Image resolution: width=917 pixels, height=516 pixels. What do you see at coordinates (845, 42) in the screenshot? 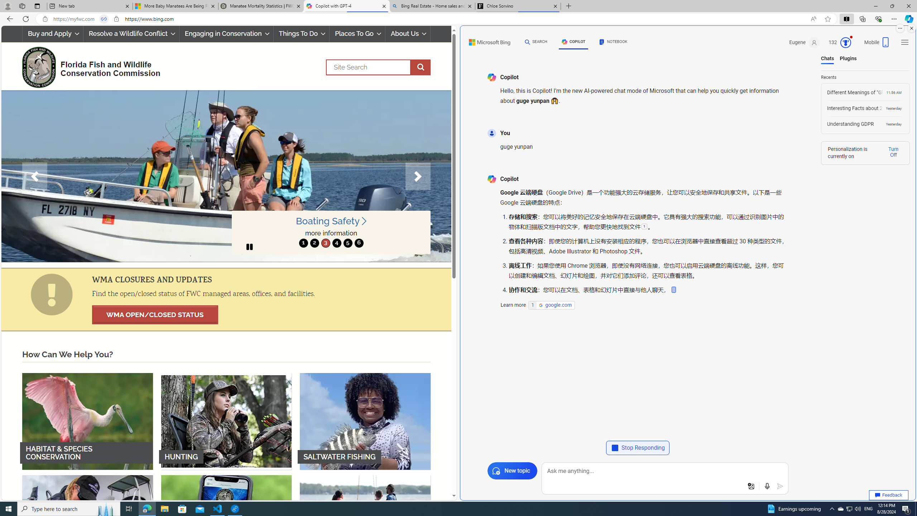
I see `'Class: medal-svg-animation'` at bounding box center [845, 42].